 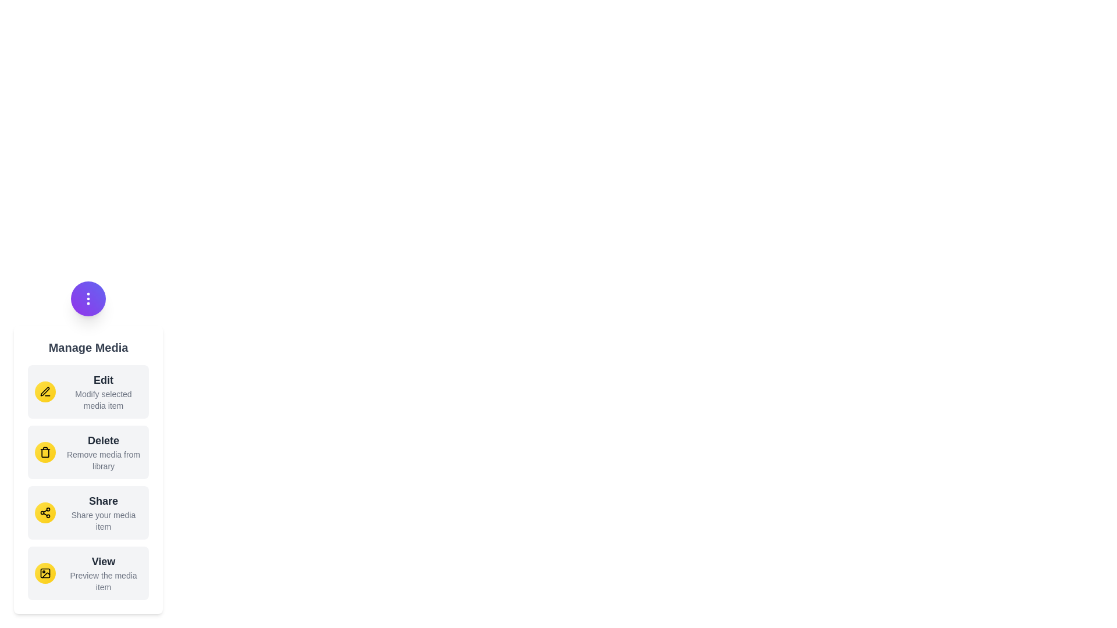 I want to click on the 'Edit' option in the menu, so click(x=88, y=392).